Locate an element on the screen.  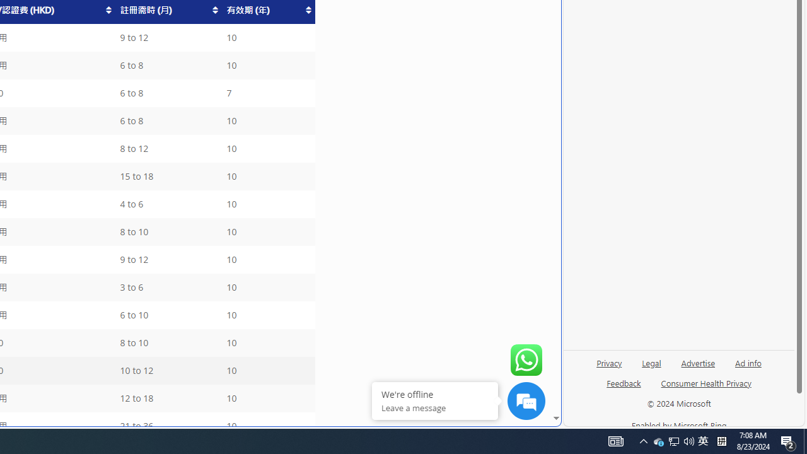
'8 to 10' is located at coordinates (167, 343).